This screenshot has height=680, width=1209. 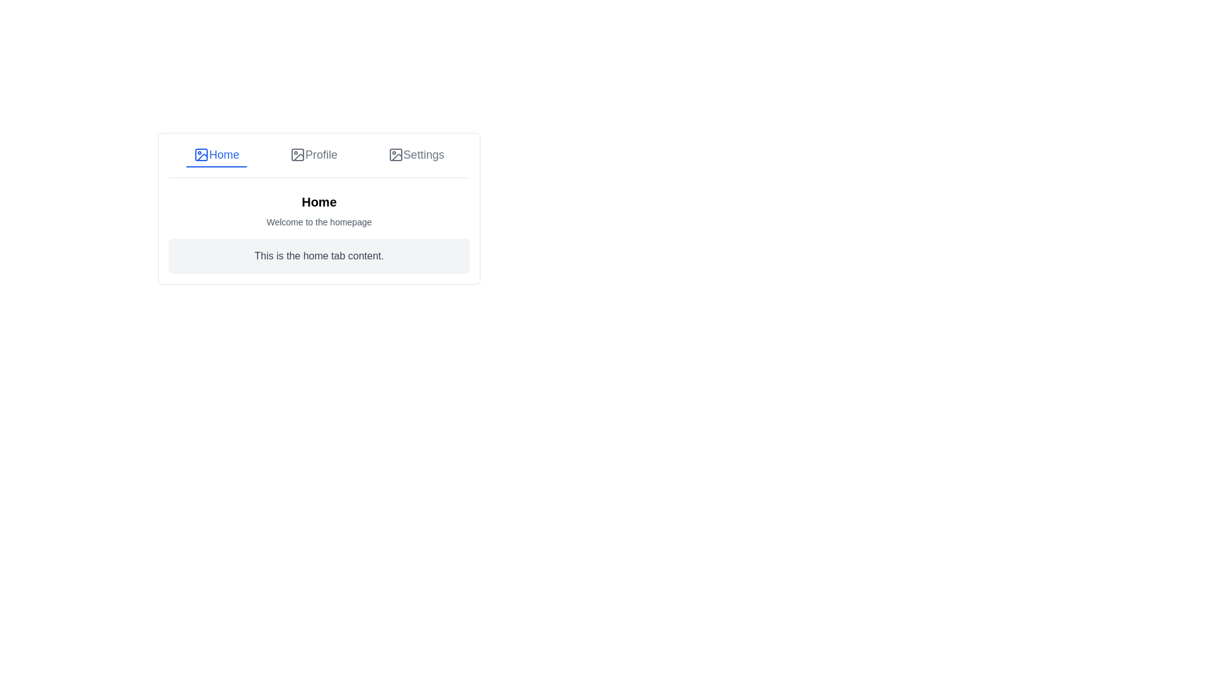 What do you see at coordinates (297, 154) in the screenshot?
I see `the Profile icon in the navigation bar` at bounding box center [297, 154].